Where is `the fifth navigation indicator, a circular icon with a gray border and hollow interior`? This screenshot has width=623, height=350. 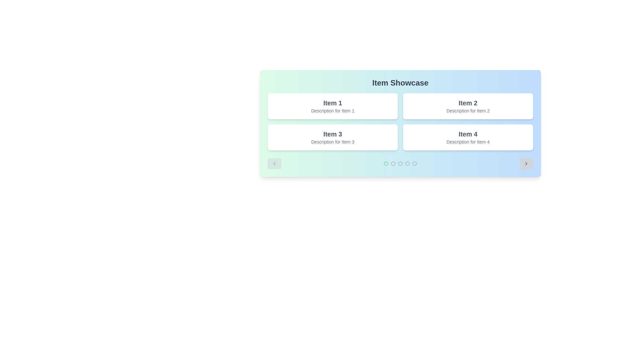
the fifth navigation indicator, a circular icon with a gray border and hollow interior is located at coordinates (414, 163).